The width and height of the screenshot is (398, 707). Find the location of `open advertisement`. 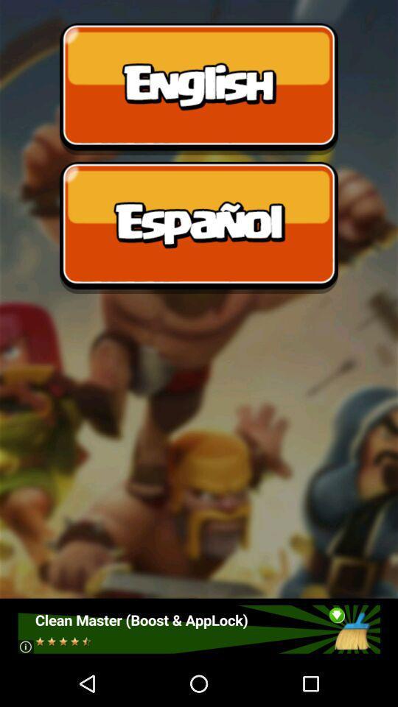

open advertisement is located at coordinates (198, 628).